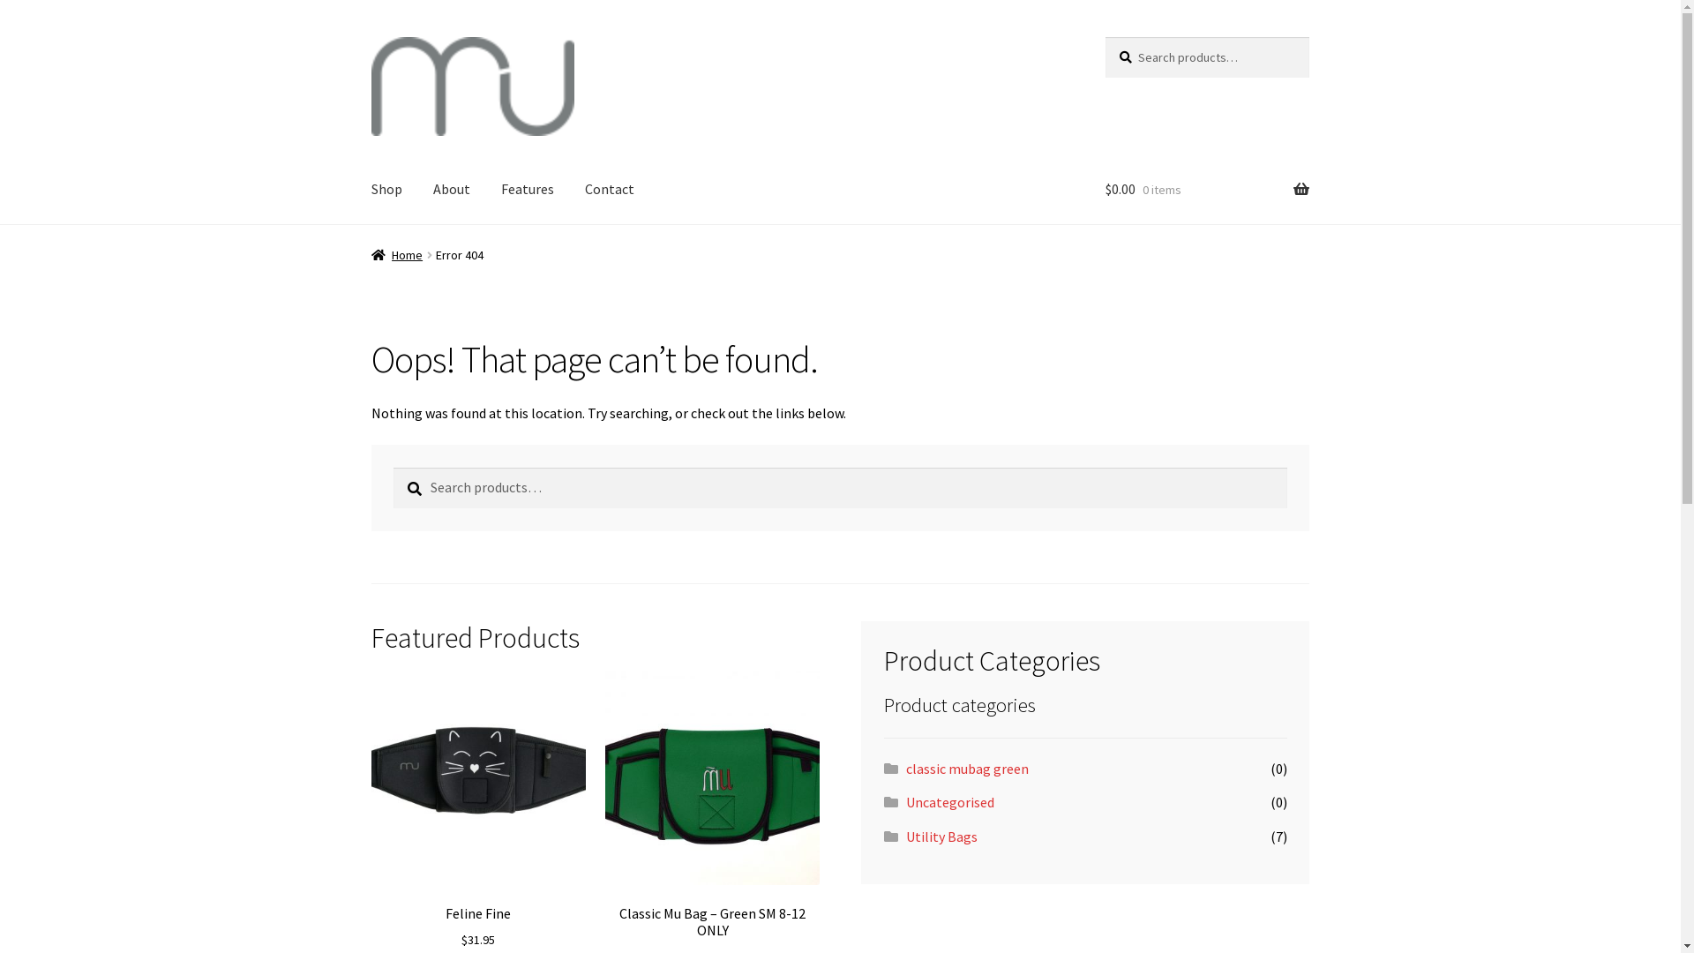  What do you see at coordinates (1206, 191) in the screenshot?
I see `'$0.00 0 items'` at bounding box center [1206, 191].